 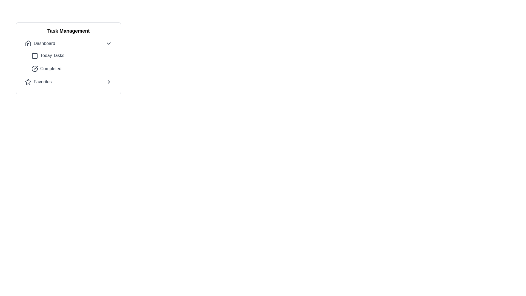 What do you see at coordinates (44, 43) in the screenshot?
I see `the 'Dashboard' text label, which is styled with medium font weight and is located to the right of a small house-like icon in the 'Task Management' sidebar menu` at bounding box center [44, 43].